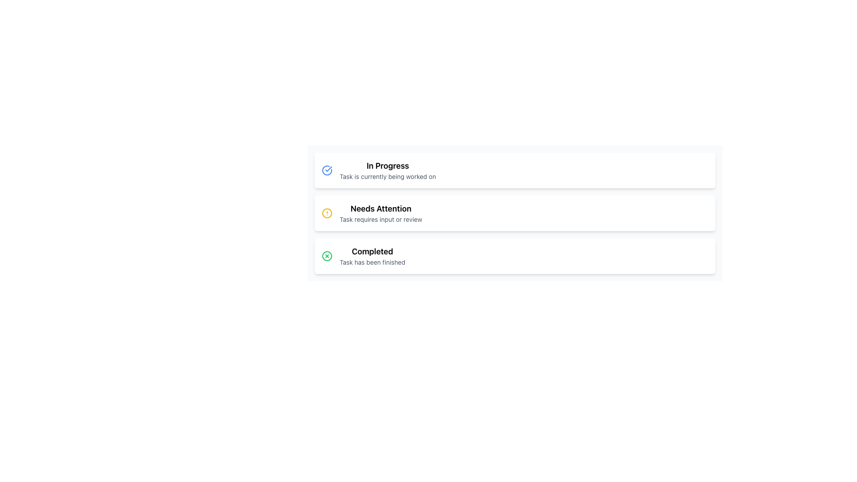  I want to click on the second Notification Item in the vertical task list, so click(515, 213).